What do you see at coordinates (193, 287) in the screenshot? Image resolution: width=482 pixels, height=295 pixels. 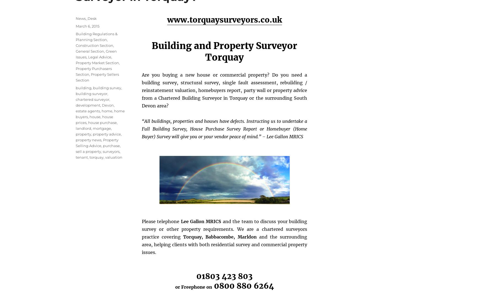 I see `'or Freephone on'` at bounding box center [193, 287].